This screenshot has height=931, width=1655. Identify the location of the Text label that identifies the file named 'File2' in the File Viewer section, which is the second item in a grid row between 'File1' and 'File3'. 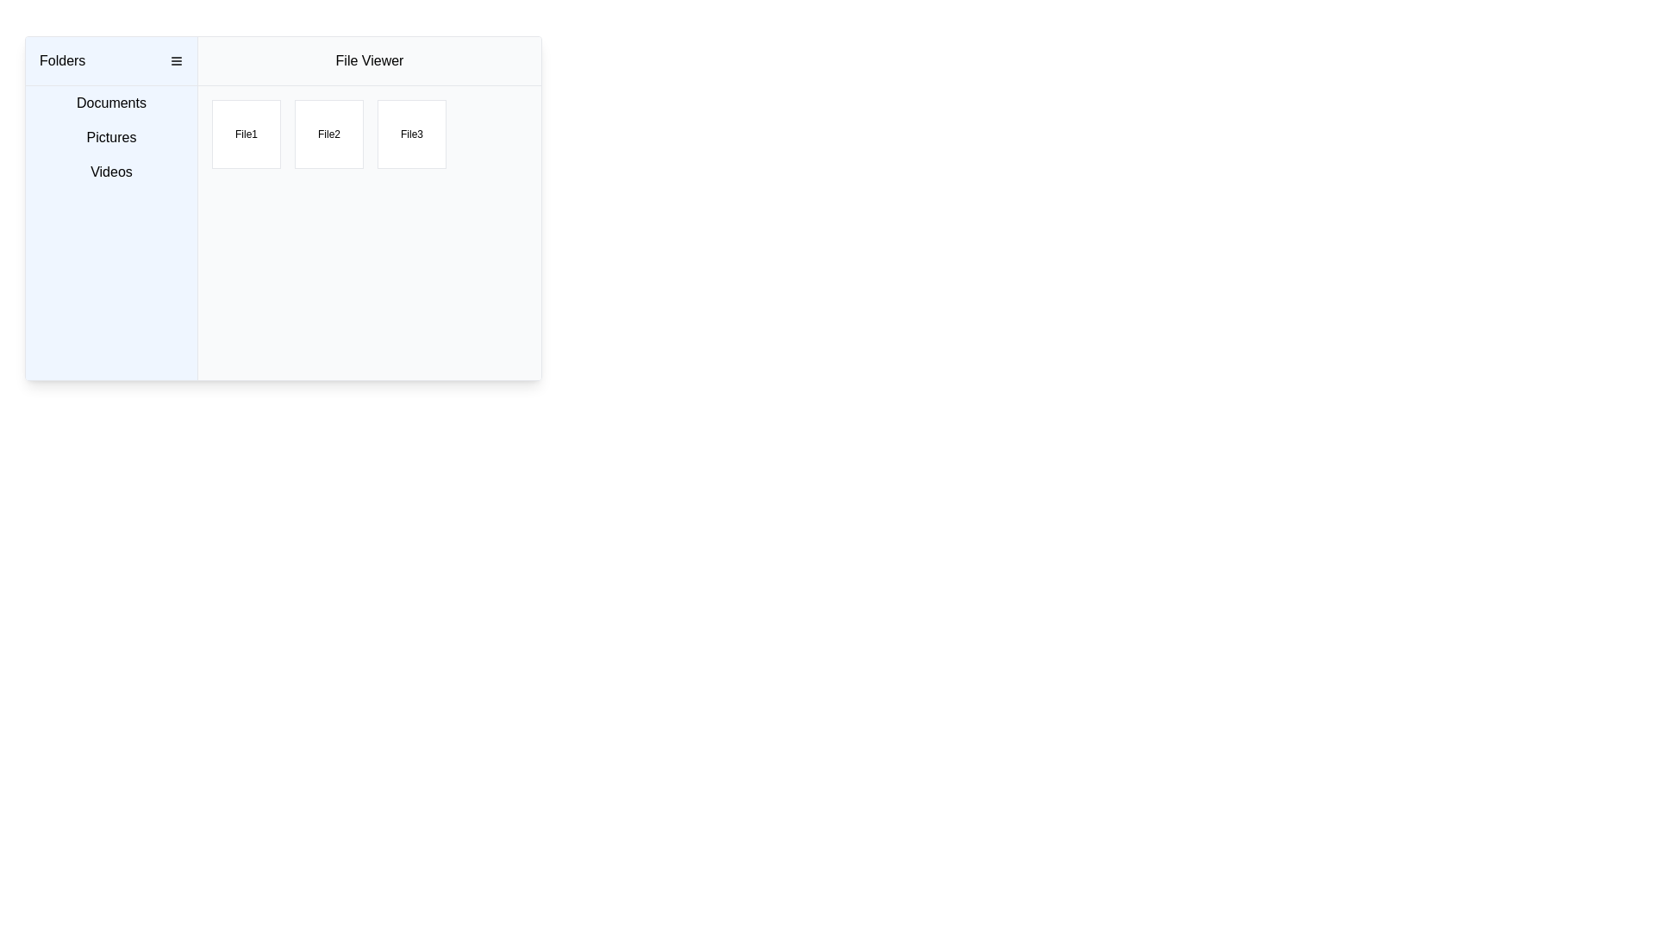
(329, 133).